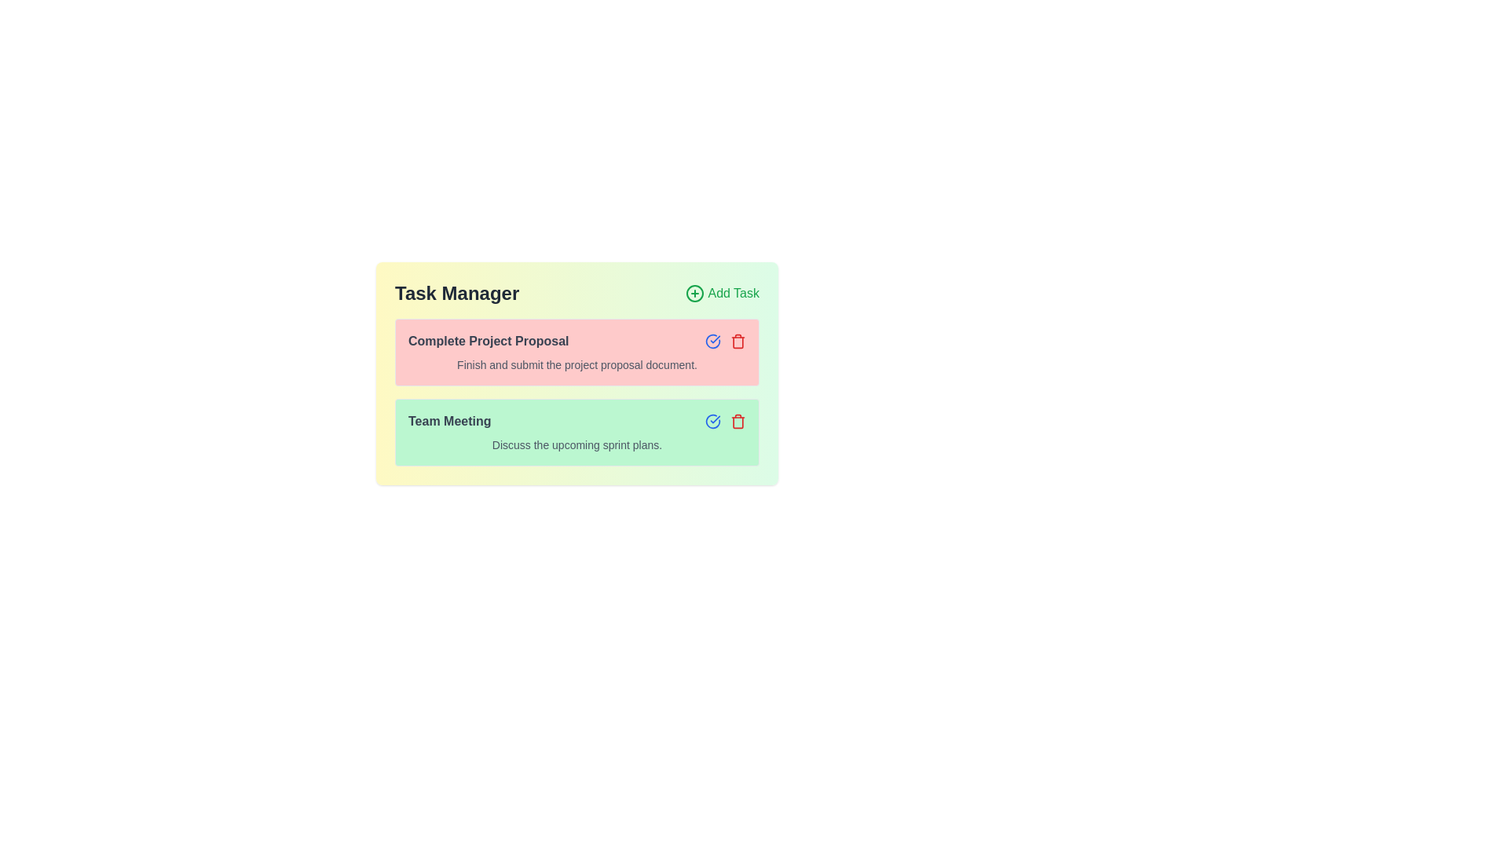 This screenshot has width=1508, height=848. Describe the element at coordinates (738, 421) in the screenshot. I see `the middle component of the trash can icon located to the right of the 'Team Meeting' task in the task management interface` at that location.